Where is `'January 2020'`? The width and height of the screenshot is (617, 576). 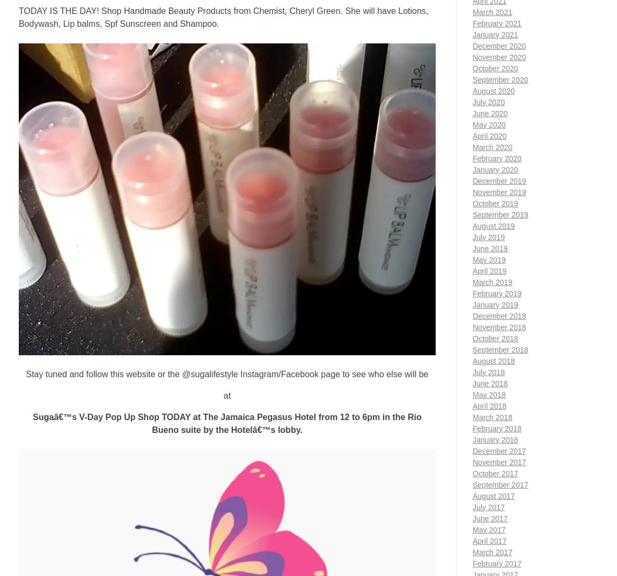 'January 2020' is located at coordinates (473, 169).